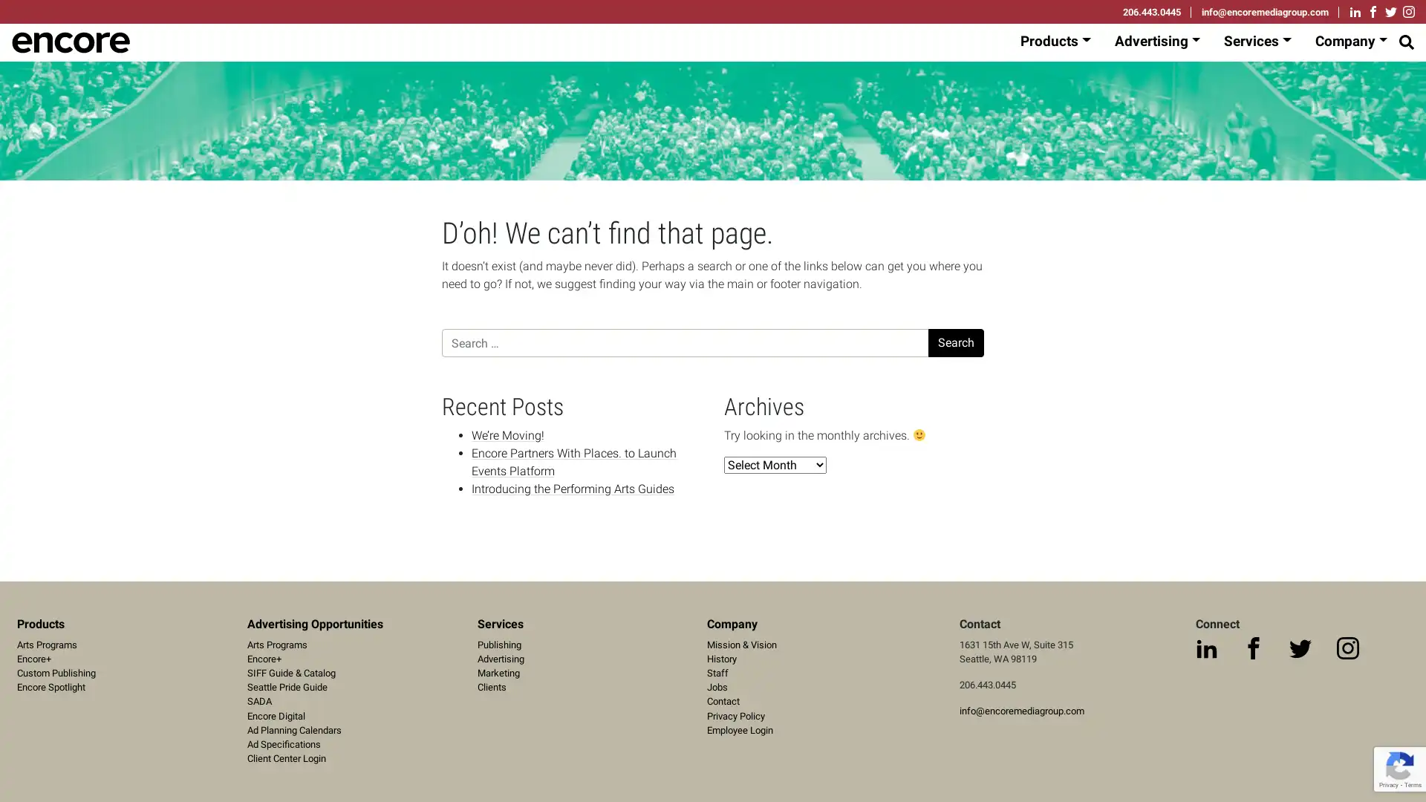  What do you see at coordinates (956, 343) in the screenshot?
I see `Search` at bounding box center [956, 343].